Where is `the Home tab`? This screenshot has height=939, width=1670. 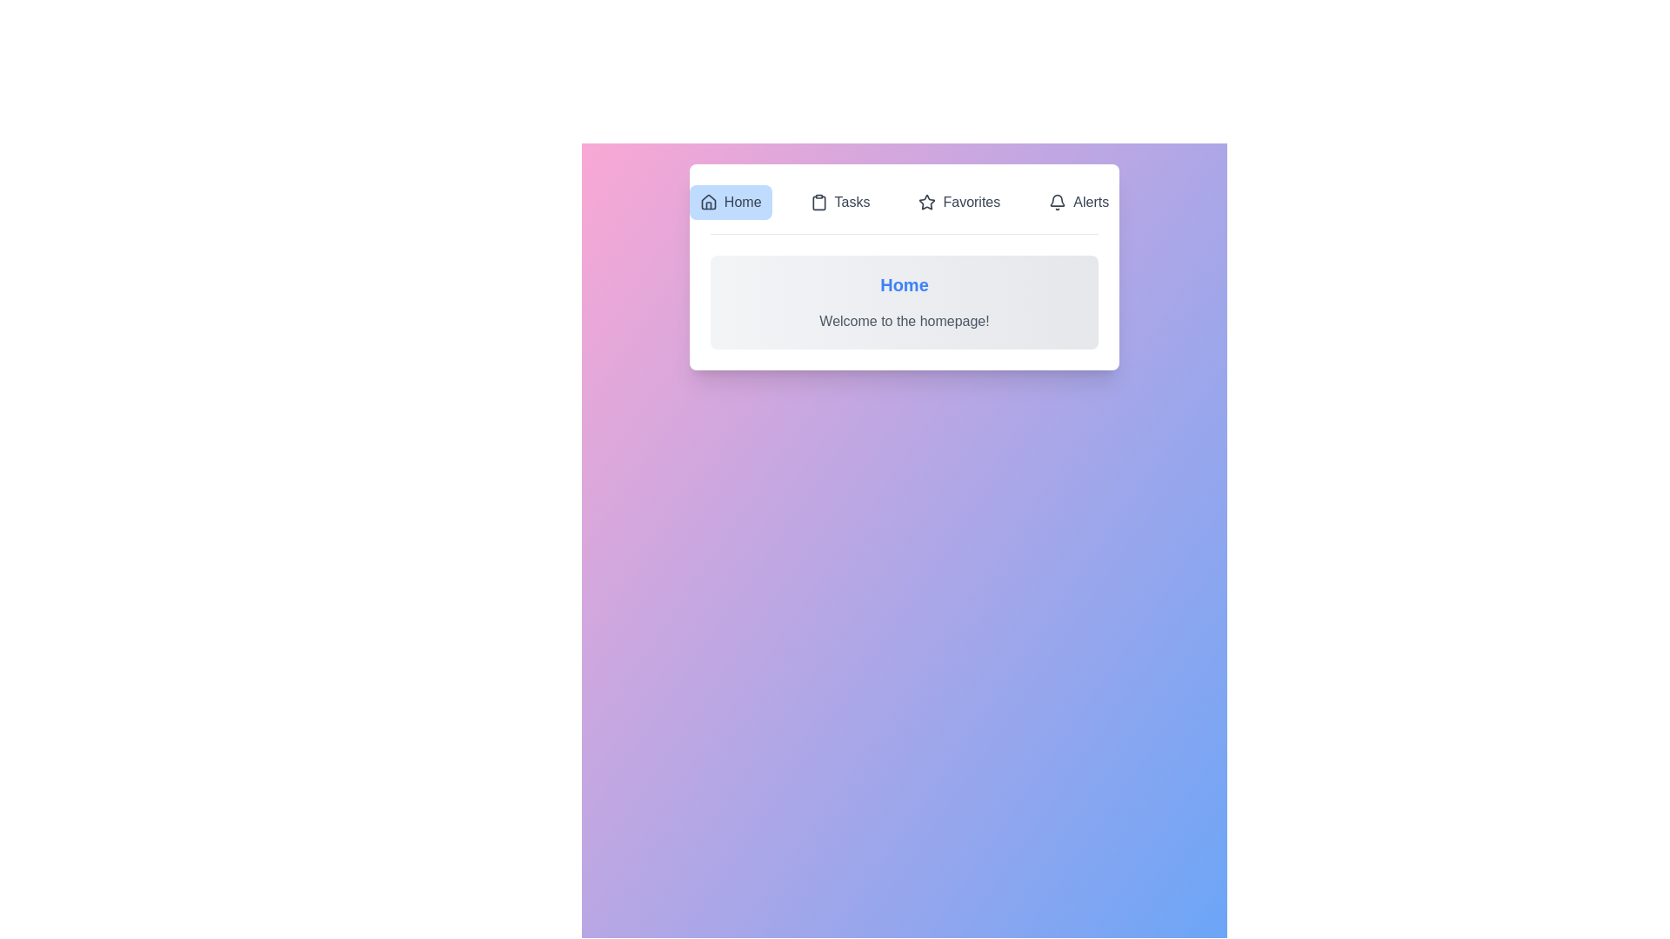
the Home tab is located at coordinates (731, 201).